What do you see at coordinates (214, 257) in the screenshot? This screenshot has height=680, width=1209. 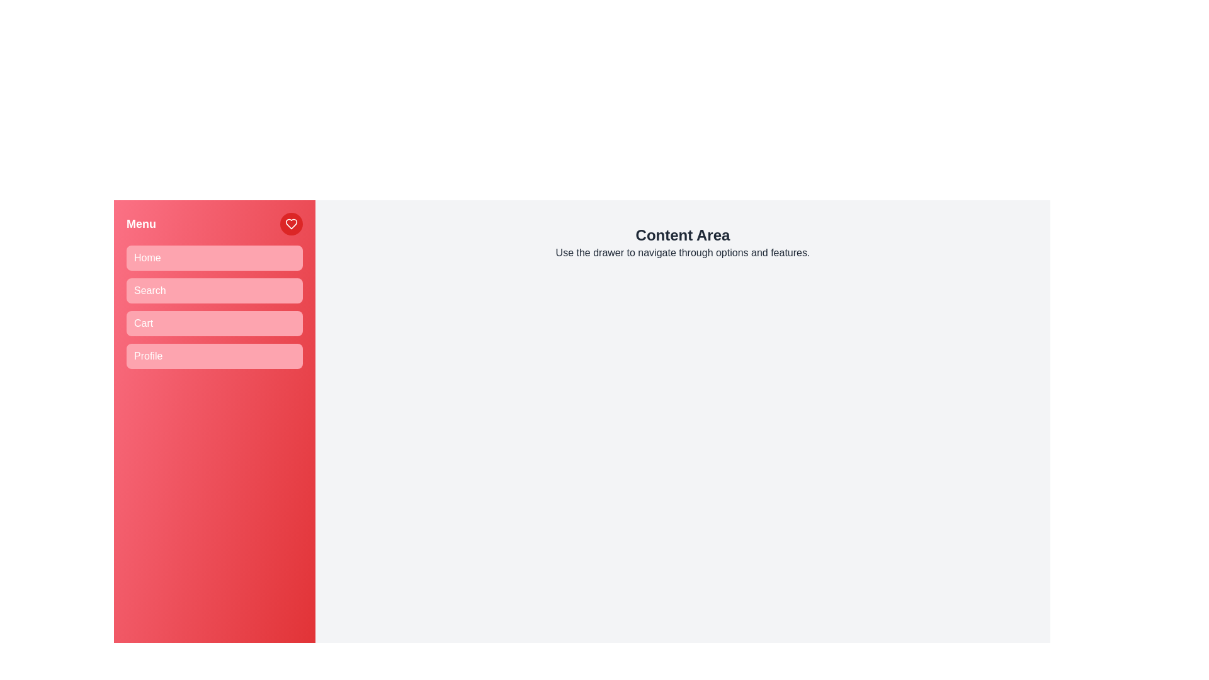 I see `the Home button to navigate to the corresponding section` at bounding box center [214, 257].